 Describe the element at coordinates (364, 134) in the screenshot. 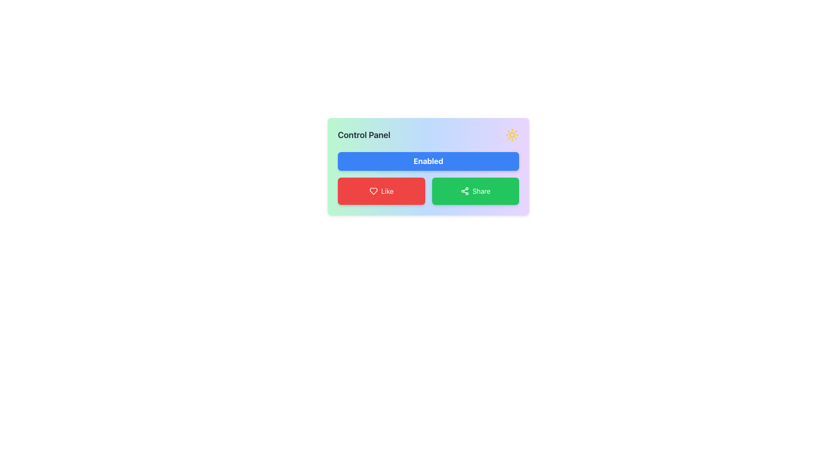

I see `the heading or title text element that serves to identify the purpose of the panel, located at the left side of the panel with a sun-shaped icon adjacent to it on the right` at that location.